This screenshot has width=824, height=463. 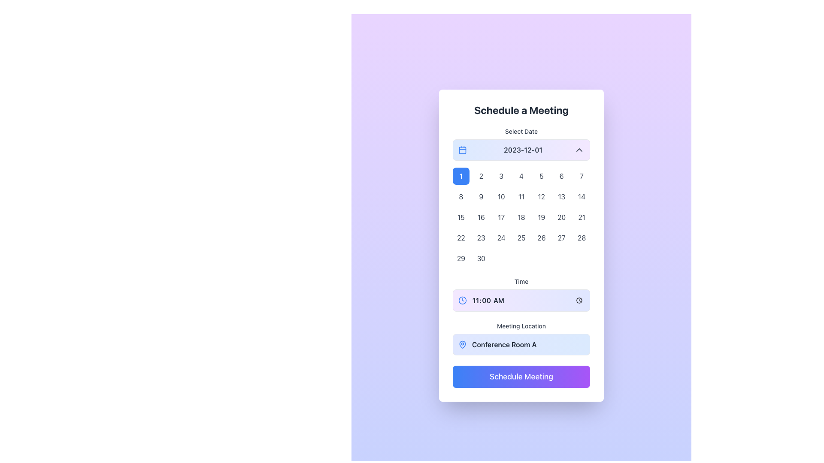 I want to click on the button representing the date '30' in the calendar, so click(x=481, y=258).